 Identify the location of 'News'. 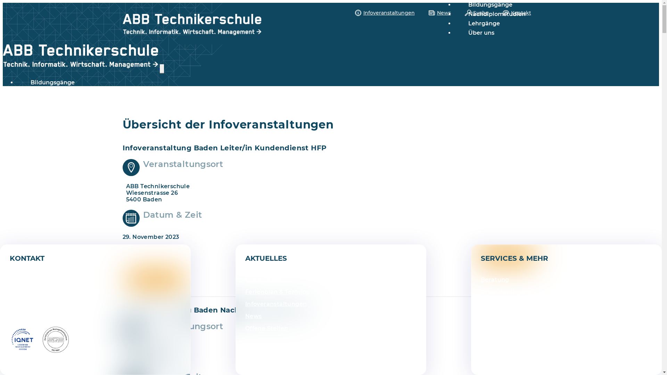
(245, 316).